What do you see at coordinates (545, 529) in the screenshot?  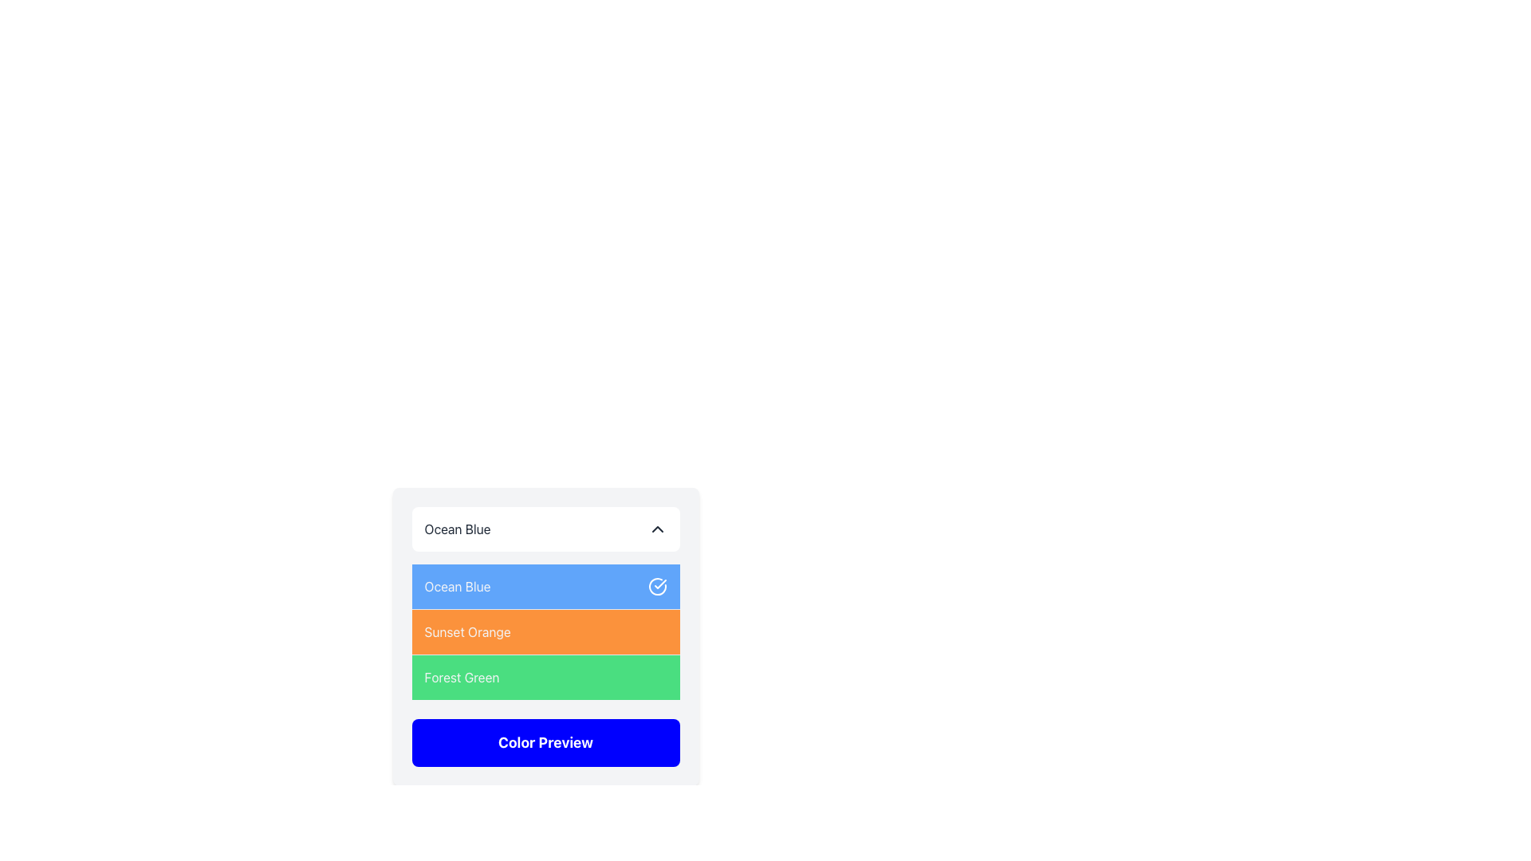 I see `the Dropdown toggle labeled 'Ocean Blue' with a downward arrow` at bounding box center [545, 529].